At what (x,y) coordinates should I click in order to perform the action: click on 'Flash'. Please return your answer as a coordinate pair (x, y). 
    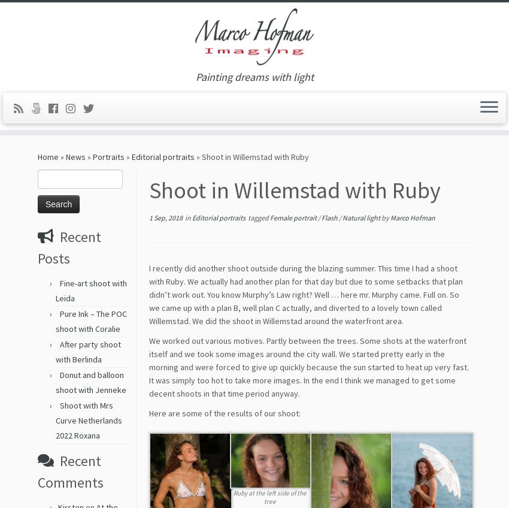
    Looking at the image, I should click on (329, 221).